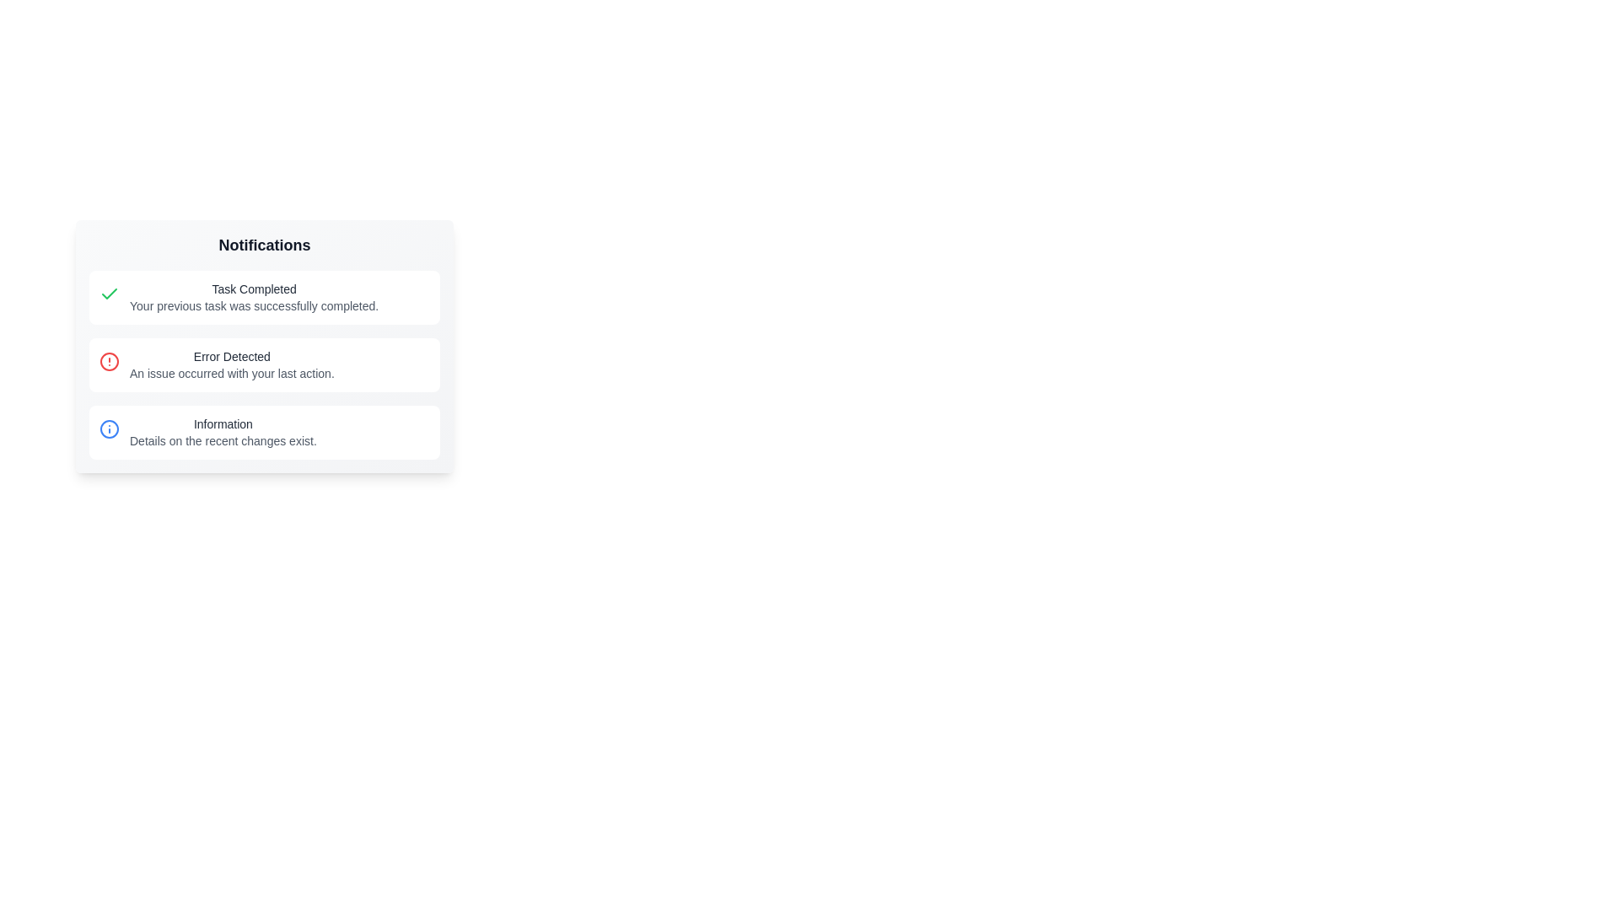  What do you see at coordinates (108, 293) in the screenshot?
I see `the checkmark icon indicating successful task completion located within the 'Task Completed' notification at the top of the notifications list` at bounding box center [108, 293].